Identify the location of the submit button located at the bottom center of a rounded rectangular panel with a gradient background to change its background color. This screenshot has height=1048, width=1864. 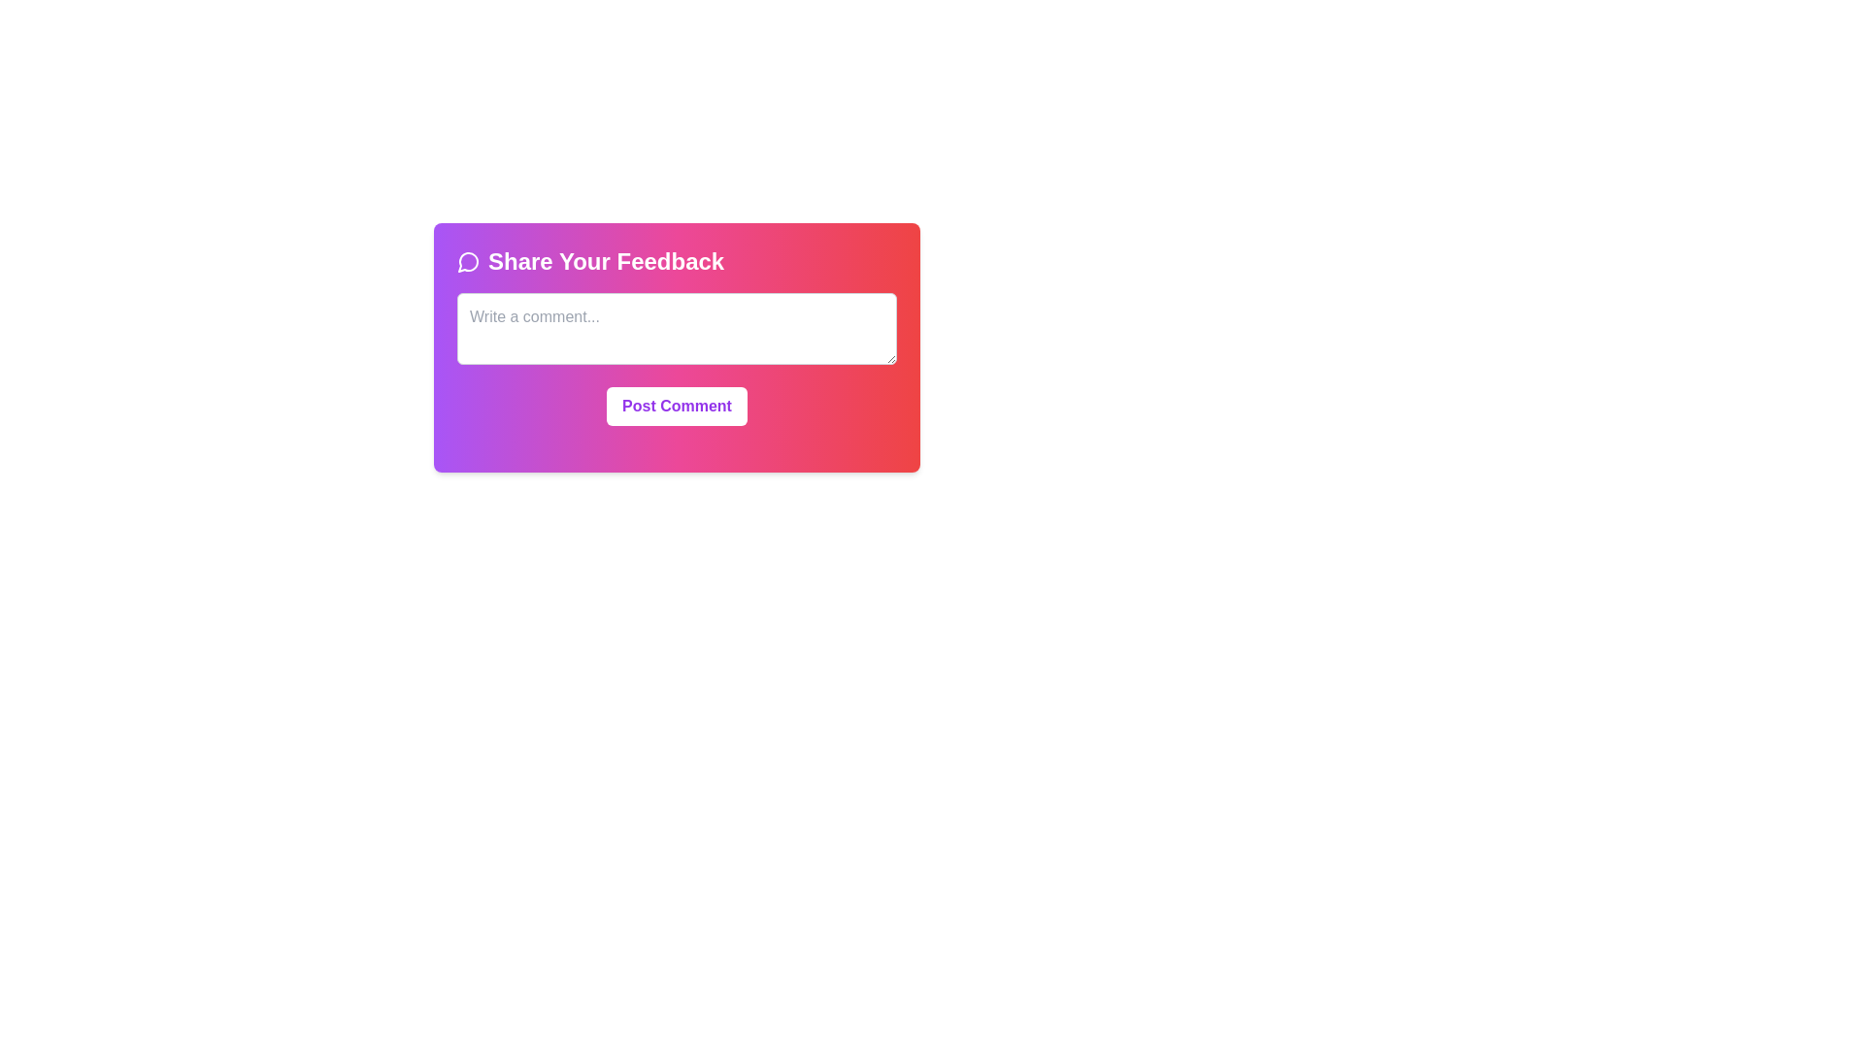
(677, 406).